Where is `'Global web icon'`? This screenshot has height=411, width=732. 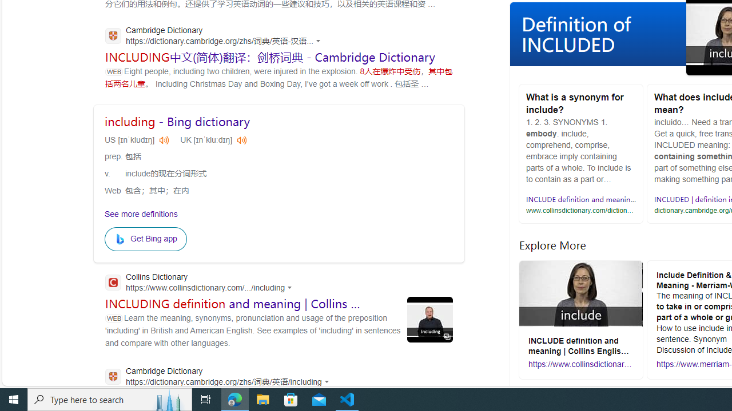
'Global web icon' is located at coordinates (113, 376).